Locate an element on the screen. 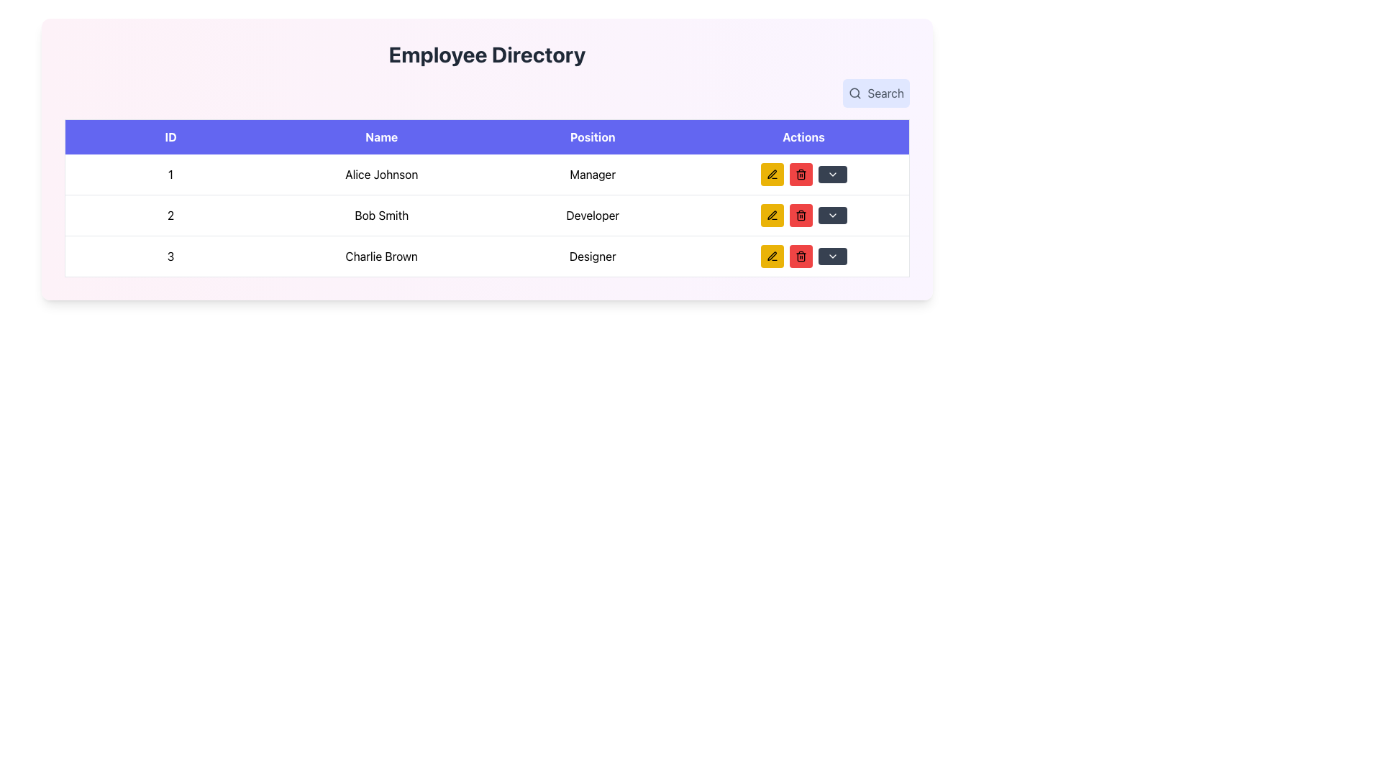 The image size is (1381, 776). the Text Label that identifies the specific record in the table, located in the 'ID' column of the last visible row, adjacent to 'Charlie Brown' in the 'Name' column is located at coordinates (170, 256).